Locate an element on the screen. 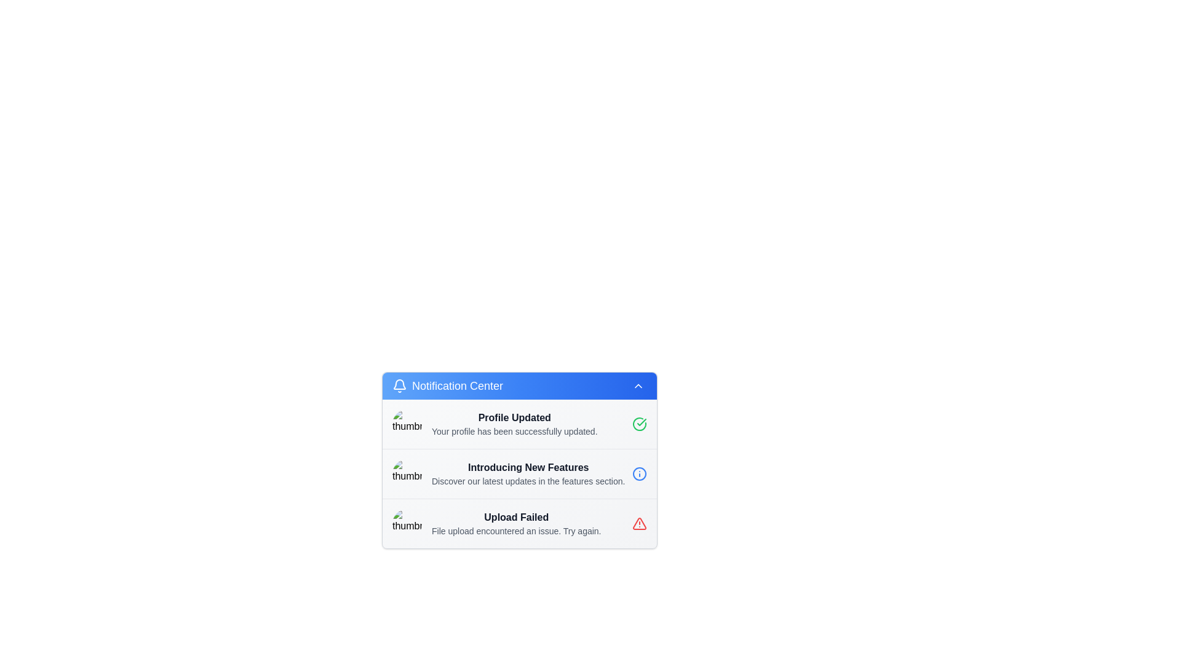 The width and height of the screenshot is (1181, 664). the title text label in the topmost notification entry of the Notification Center modal, which summarizes the notification's content is located at coordinates (514, 417).